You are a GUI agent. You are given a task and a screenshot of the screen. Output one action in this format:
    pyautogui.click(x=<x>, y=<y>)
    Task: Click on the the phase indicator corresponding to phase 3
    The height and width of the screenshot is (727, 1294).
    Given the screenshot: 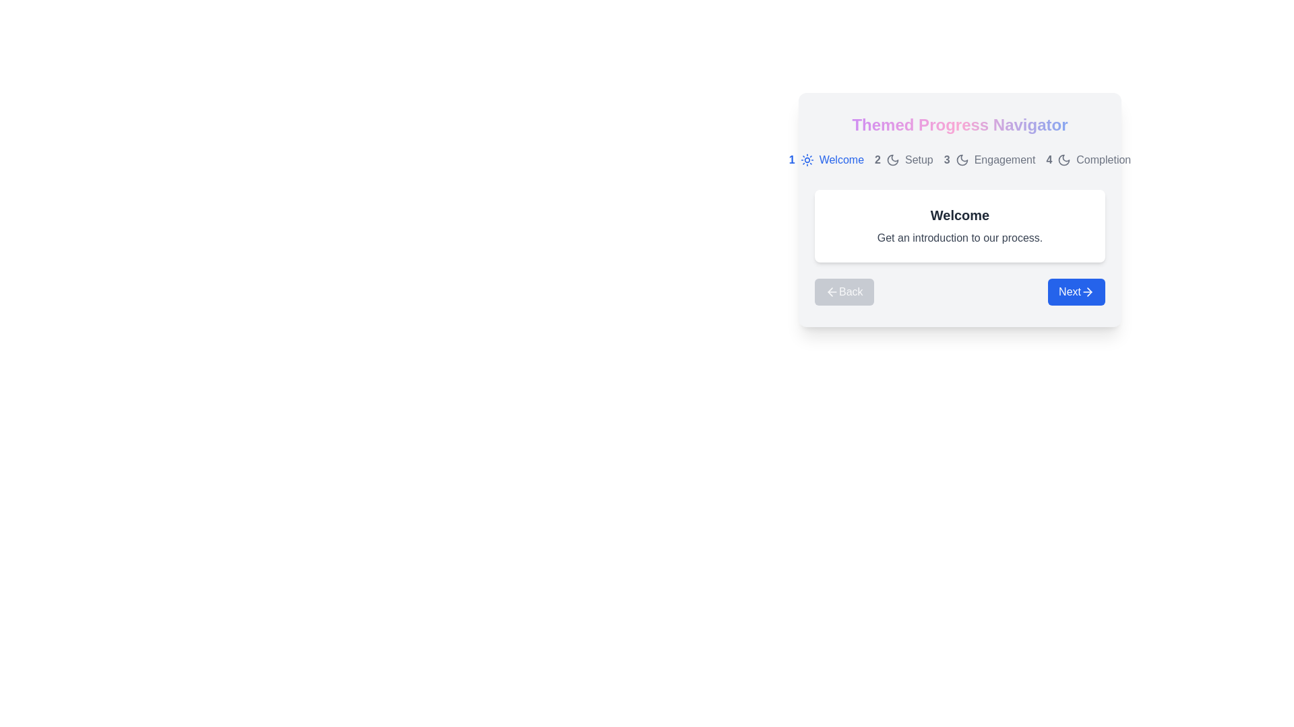 What is the action you would take?
    pyautogui.click(x=989, y=160)
    